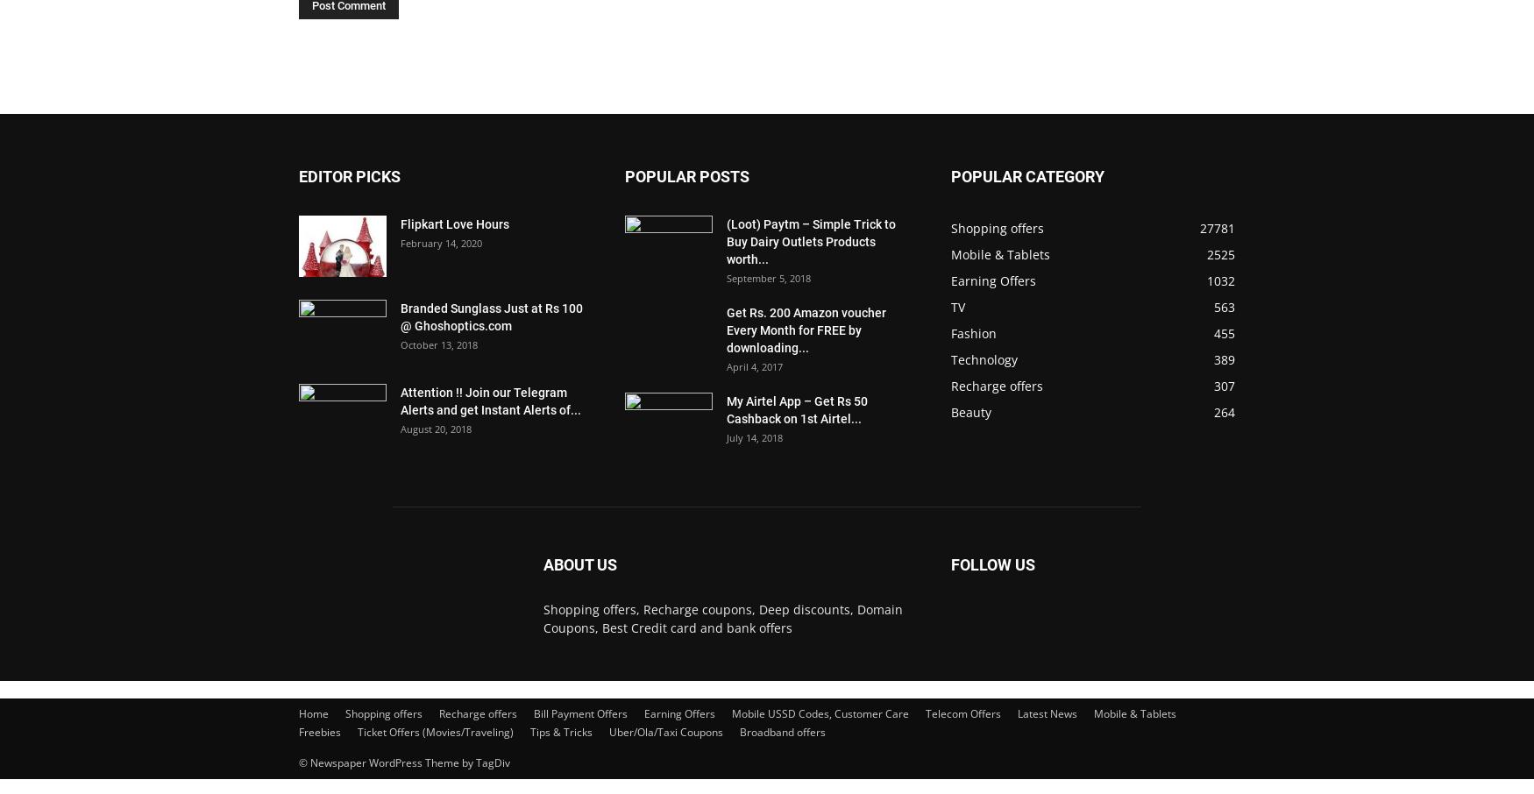 This screenshot has height=794, width=1534. Describe the element at coordinates (970, 411) in the screenshot. I see `'Beauty'` at that location.